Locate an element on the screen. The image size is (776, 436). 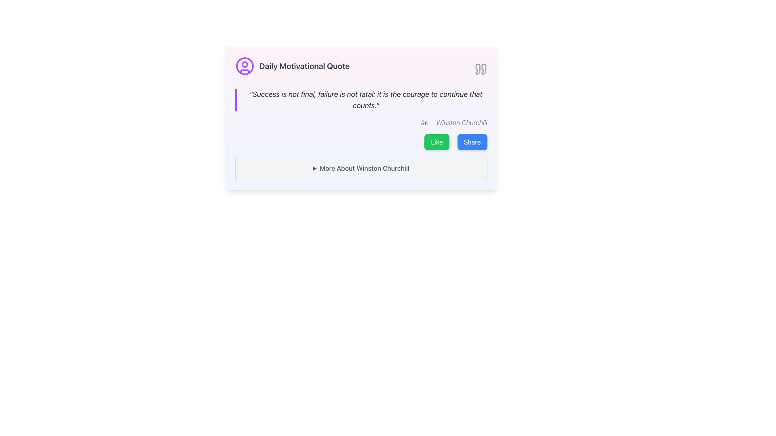
the Decorative Icon, which is a graphic icon resembling a quotation mark located at the upper-right corner of the 'Daily Motivational Quote' card is located at coordinates (481, 69).